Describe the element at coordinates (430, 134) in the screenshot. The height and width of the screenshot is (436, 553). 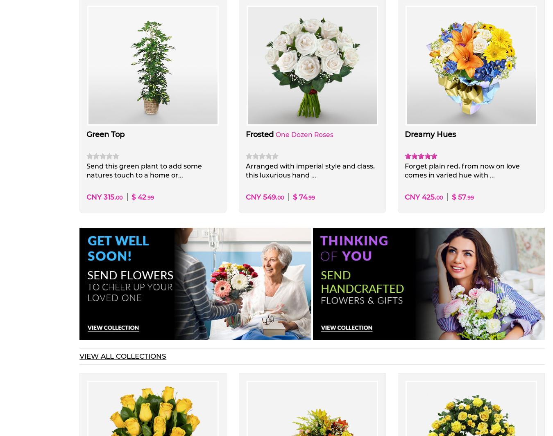
I see `'Dreamy Hues'` at that location.